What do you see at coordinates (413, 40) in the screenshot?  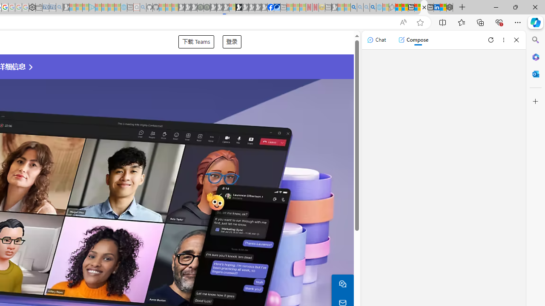 I see `'Compose'` at bounding box center [413, 40].